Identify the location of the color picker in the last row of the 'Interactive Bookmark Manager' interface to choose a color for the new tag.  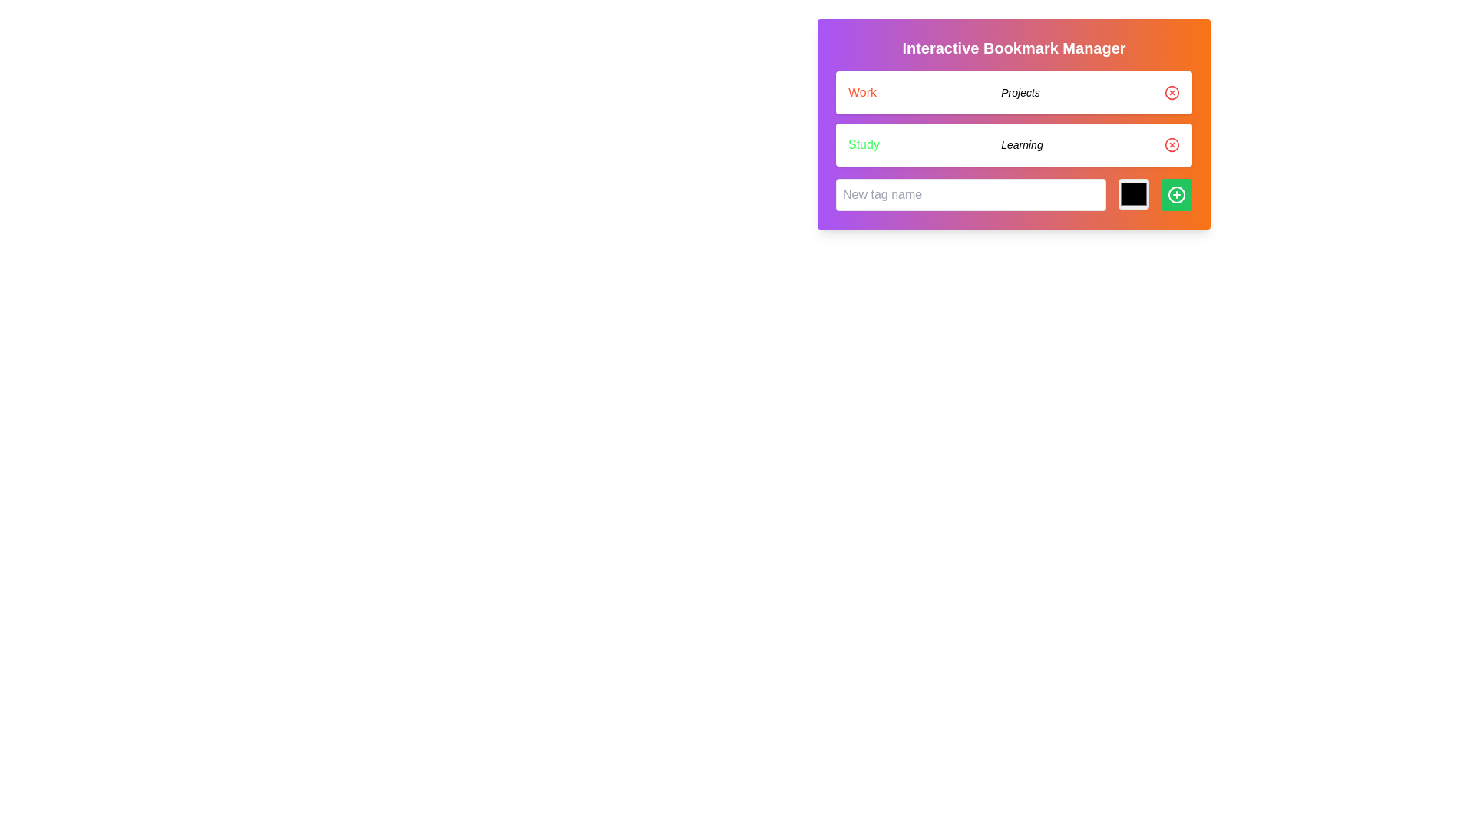
(1013, 194).